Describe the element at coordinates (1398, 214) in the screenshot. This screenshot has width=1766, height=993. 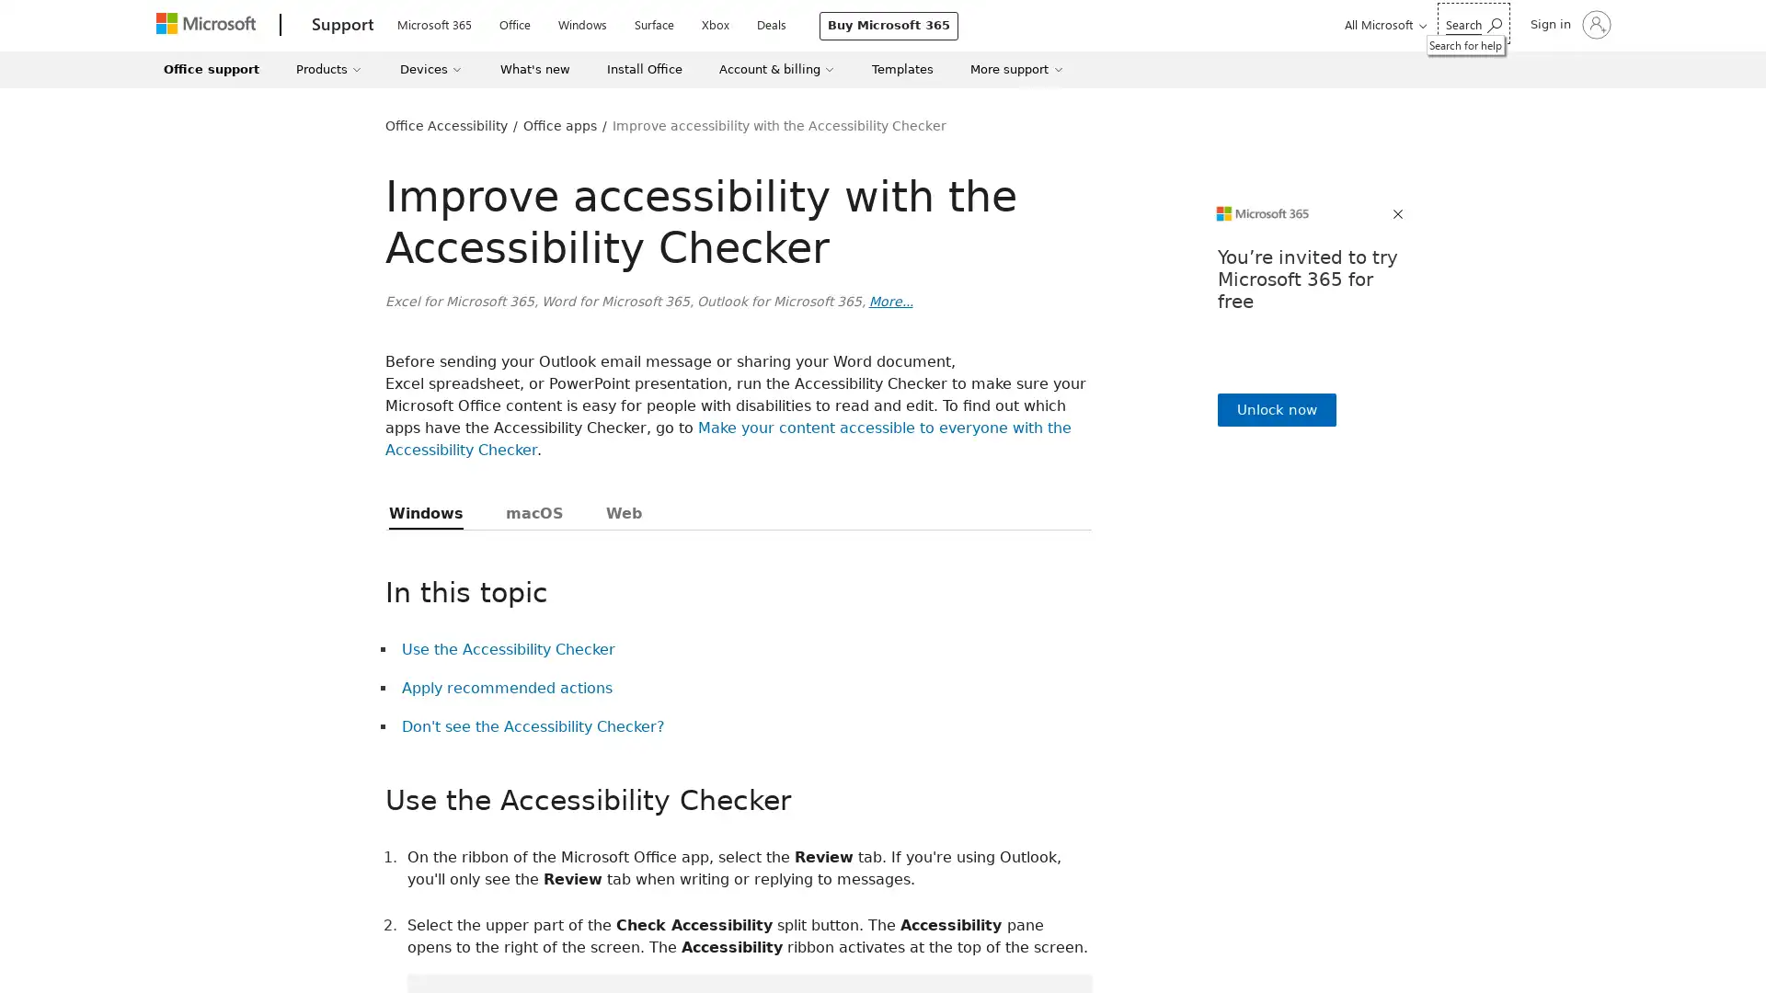
I see `Close upgrade banner` at that location.